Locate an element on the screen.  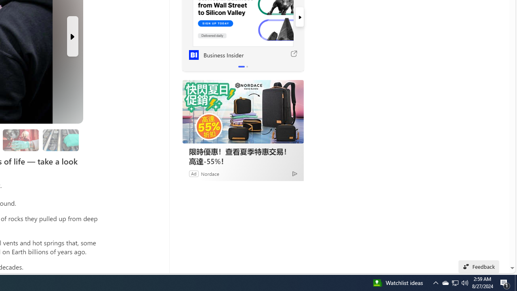
'Researchers are still studying the samples' is located at coordinates (60, 140).